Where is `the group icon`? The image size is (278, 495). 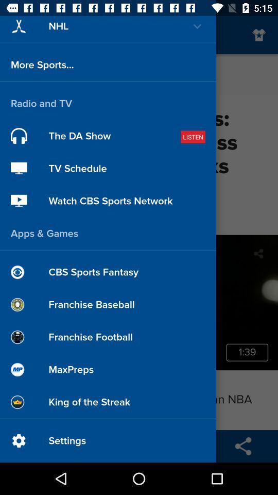
the group icon is located at coordinates (104, 445).